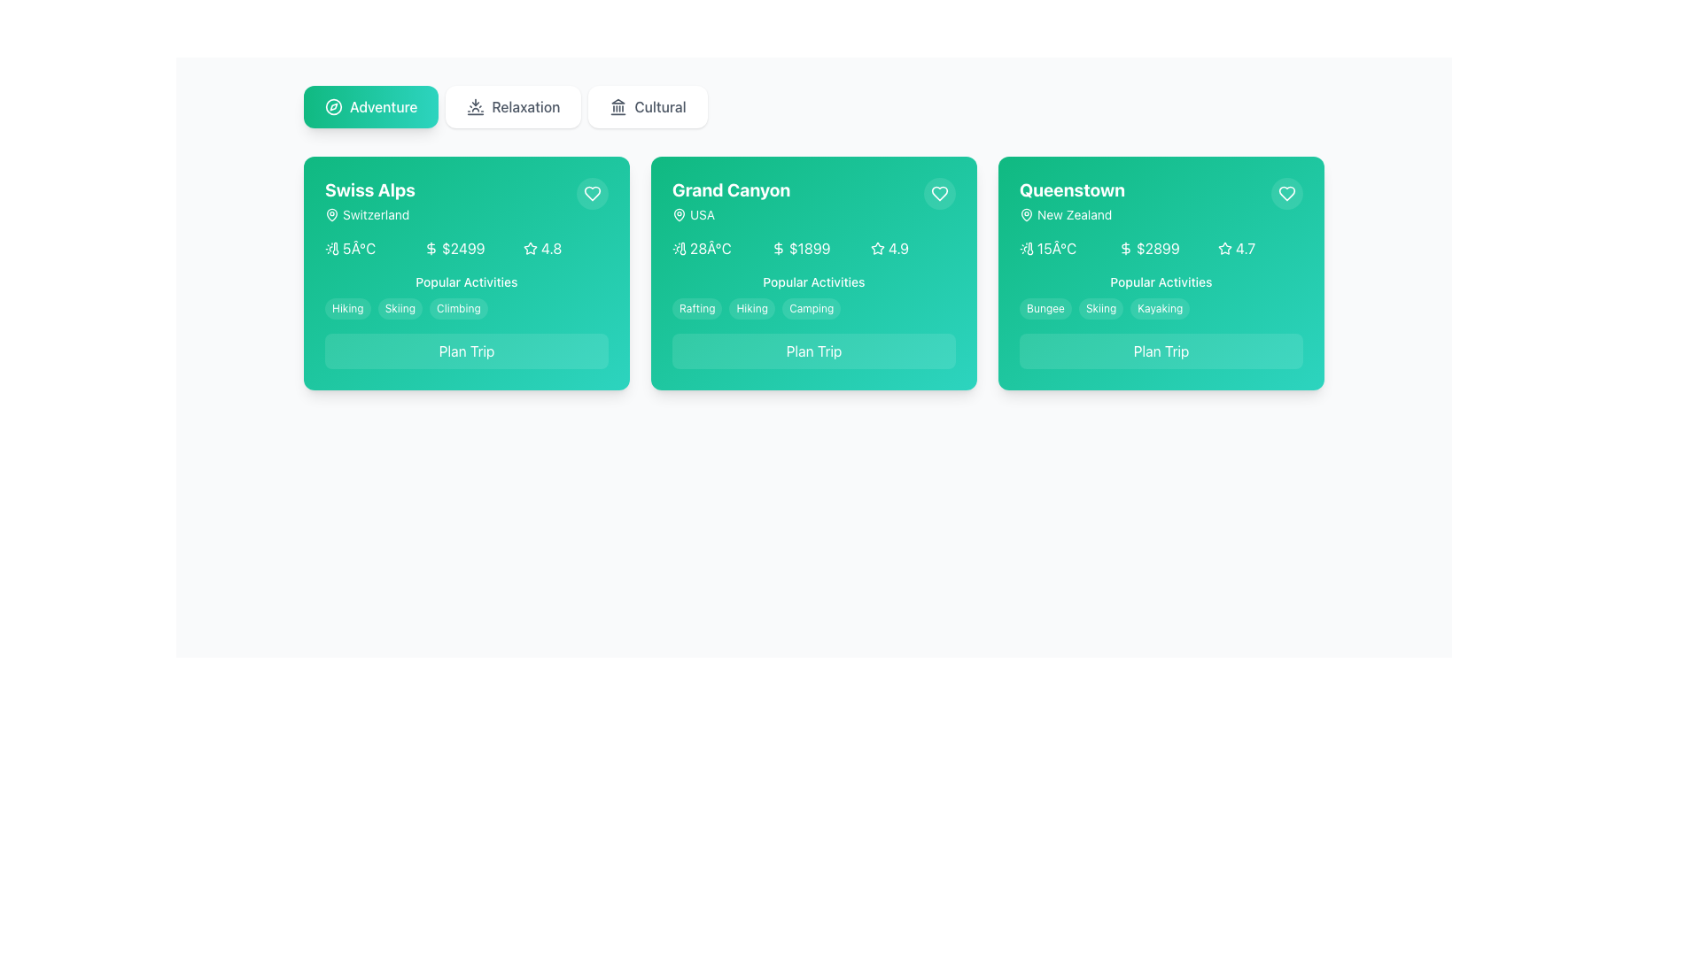 This screenshot has height=956, width=1701. What do you see at coordinates (370, 106) in the screenshot?
I see `the 'Adventure' button, which has a gradient background from emerald green to teal and includes a compass icon on the left` at bounding box center [370, 106].